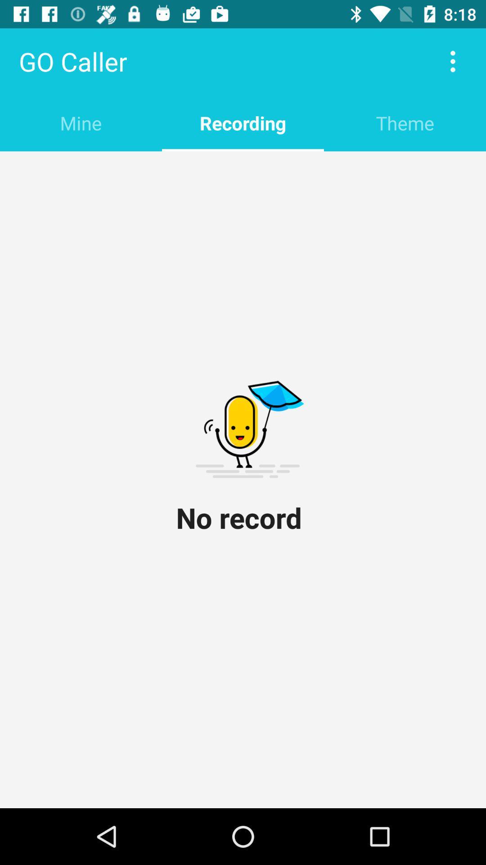  What do you see at coordinates (404, 123) in the screenshot?
I see `icon to the right of the recording` at bounding box center [404, 123].